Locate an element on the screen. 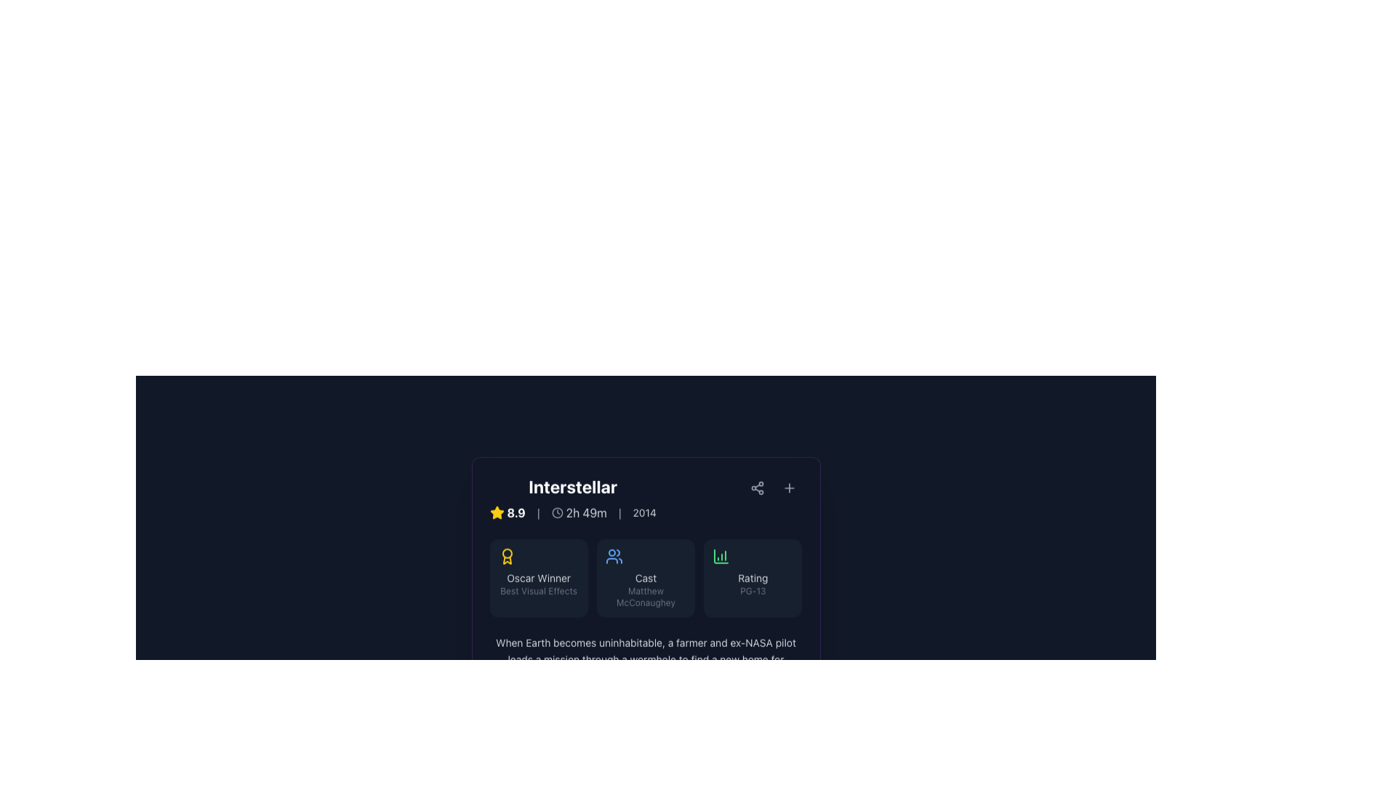 The width and height of the screenshot is (1396, 785). text content of the Text label that categorizes the 'PG-13' rating information, positioned in the rightmost column beneath the 'Interstellar' section title is located at coordinates (753, 577).